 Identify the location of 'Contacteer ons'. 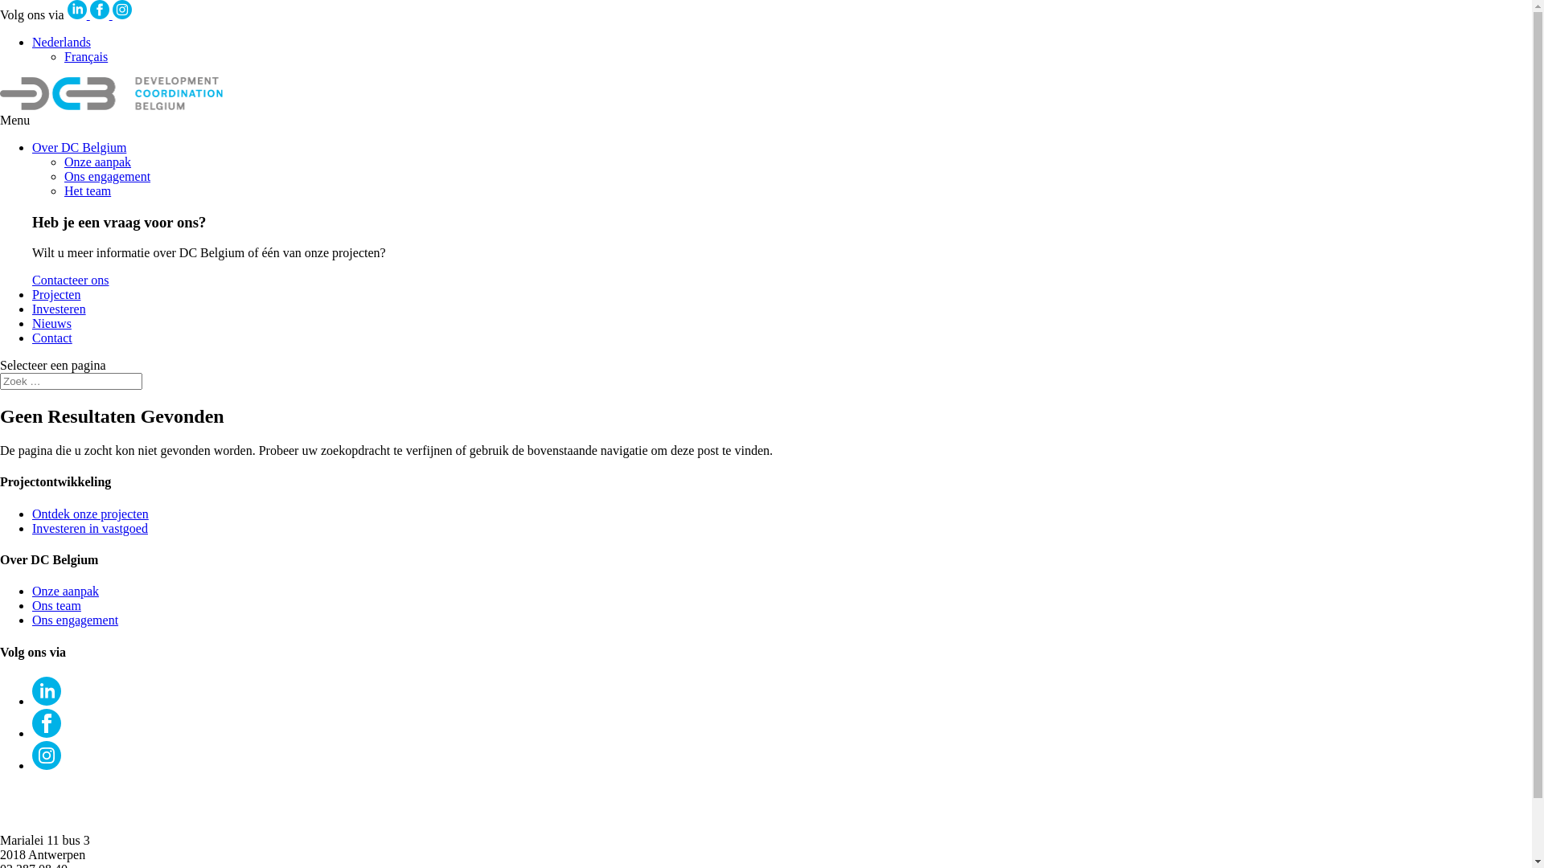
(69, 279).